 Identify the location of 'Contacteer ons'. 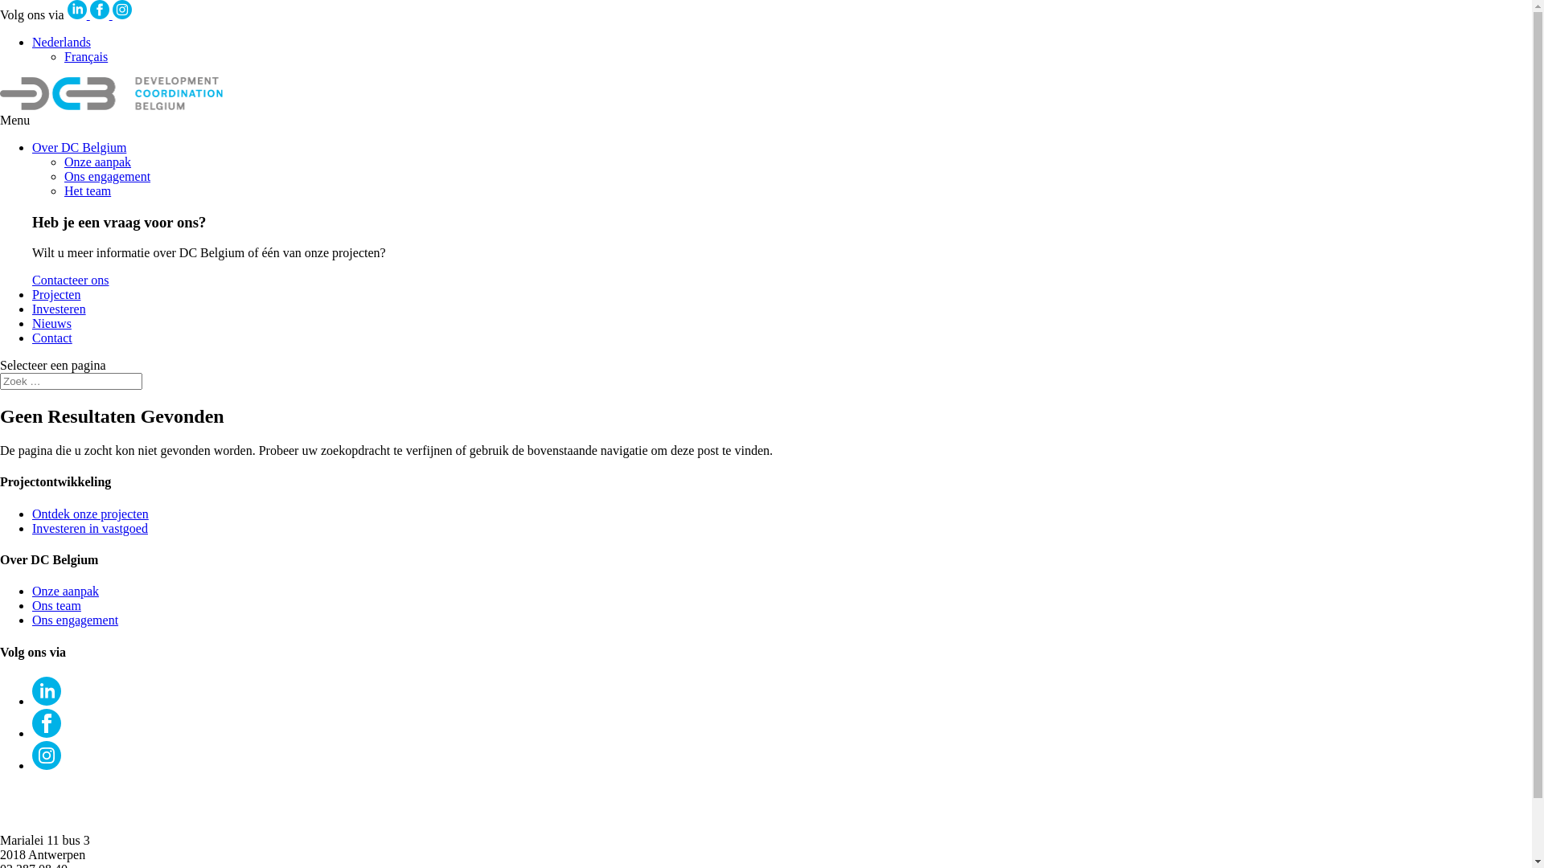
(69, 279).